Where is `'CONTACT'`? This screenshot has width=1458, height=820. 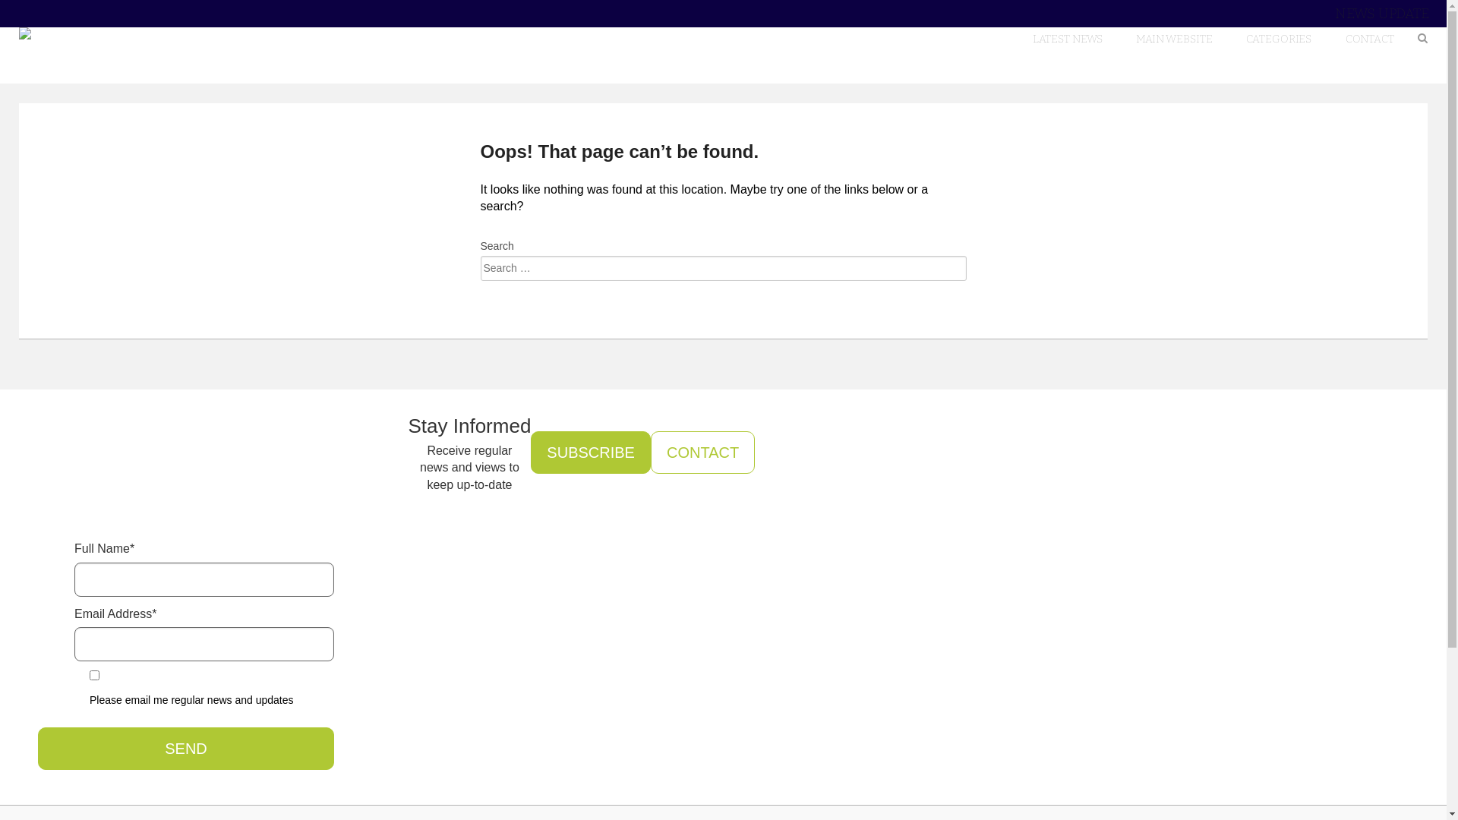 'CONTACT' is located at coordinates (1370, 38).